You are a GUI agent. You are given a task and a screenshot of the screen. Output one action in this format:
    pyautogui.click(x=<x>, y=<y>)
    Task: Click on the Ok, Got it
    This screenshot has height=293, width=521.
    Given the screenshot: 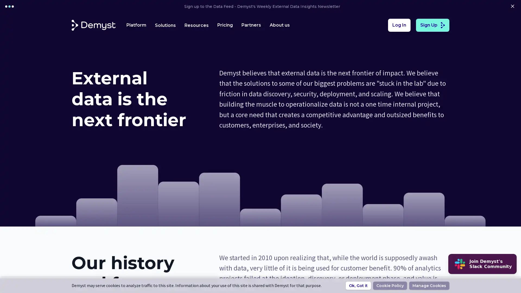 What is the action you would take?
    pyautogui.click(x=358, y=285)
    